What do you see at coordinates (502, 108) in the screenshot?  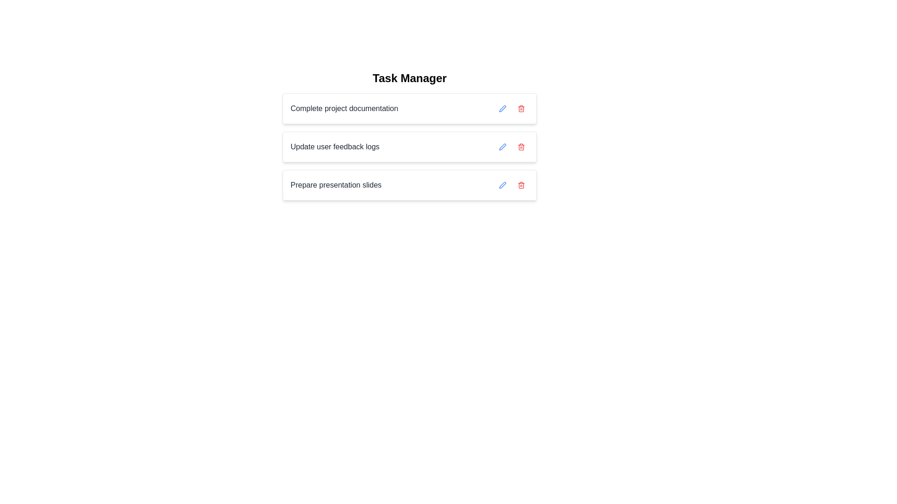 I see `the blue pen icon button located to the right of the 'Complete project documentation' text` at bounding box center [502, 108].